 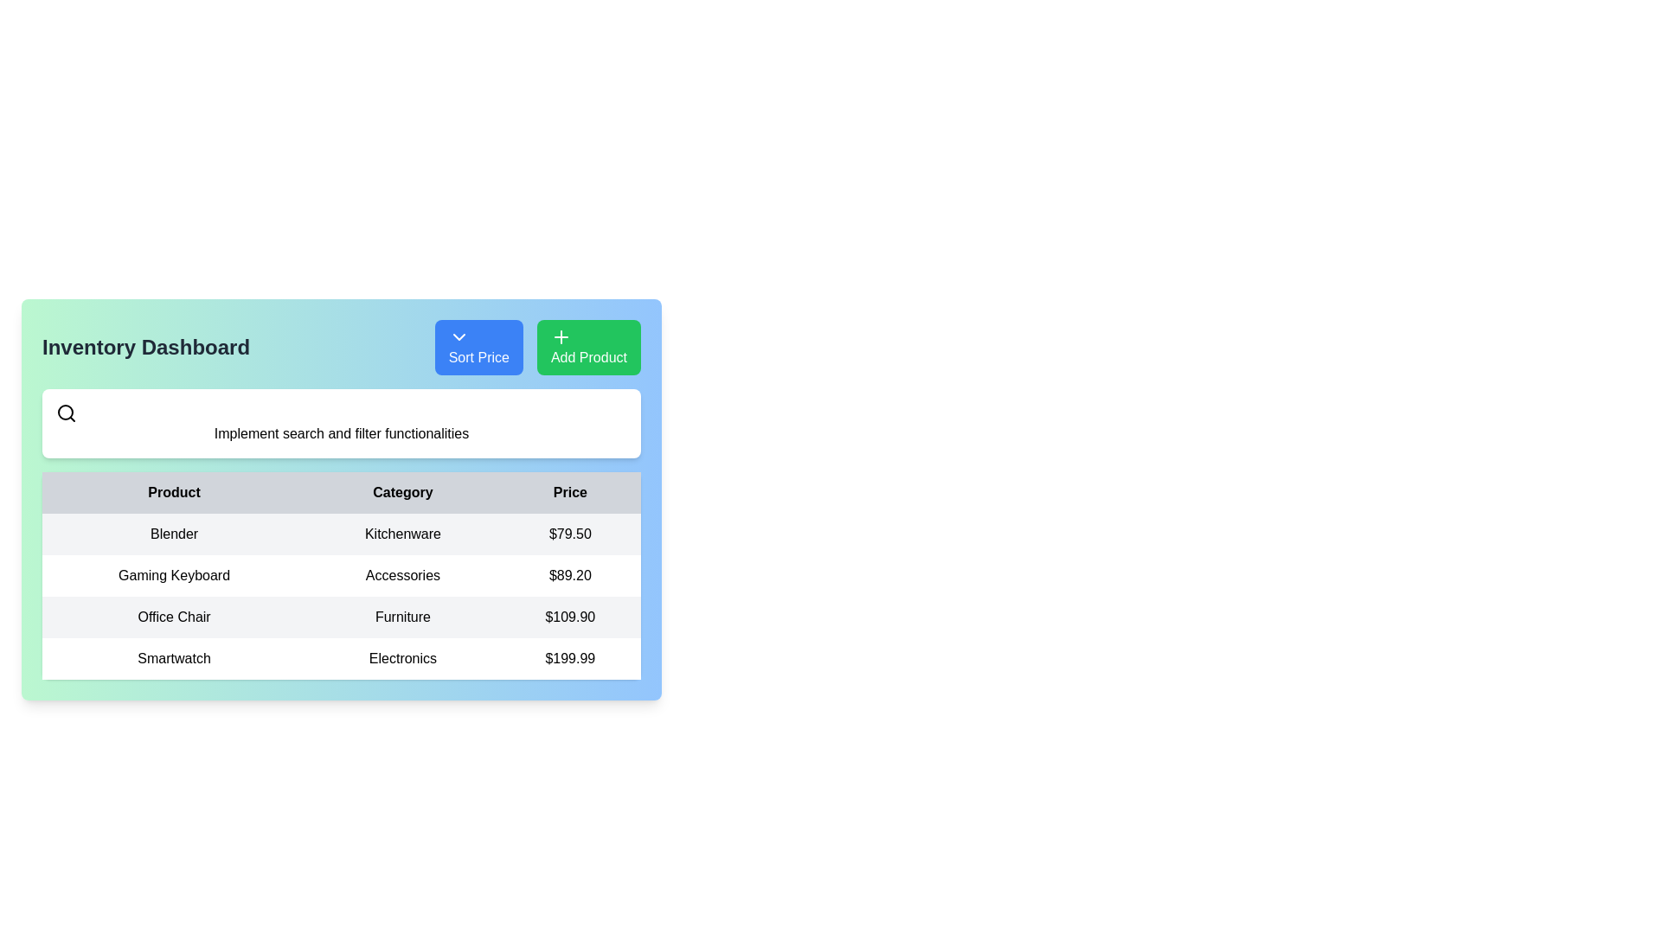 What do you see at coordinates (570, 533) in the screenshot?
I see `price displayed as '$79.50' in the rightmost column labeled 'Price' within the first row of the table` at bounding box center [570, 533].